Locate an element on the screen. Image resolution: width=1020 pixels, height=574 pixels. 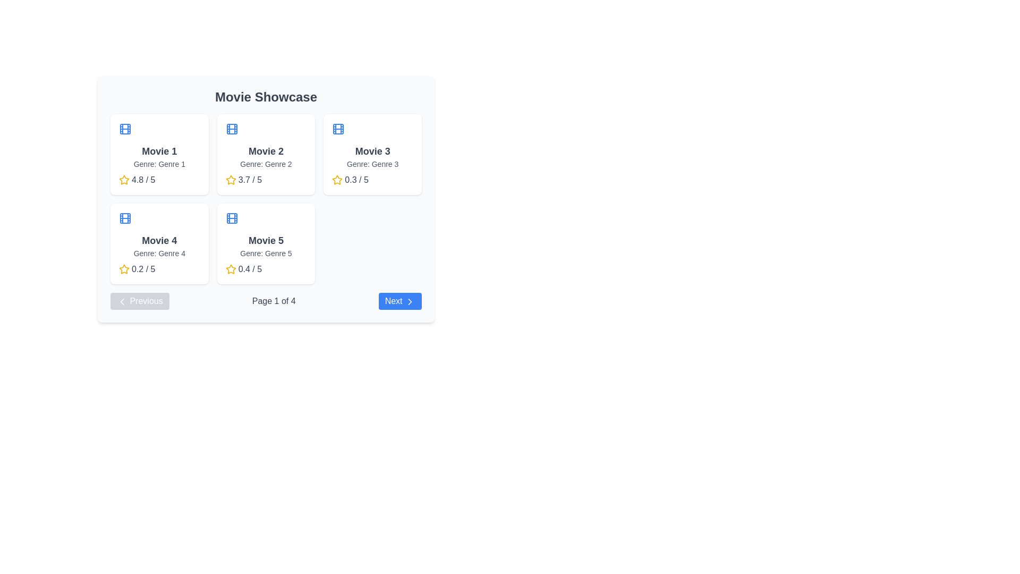
the second star icon in the rating system under 'Movie 2' in the Movie Showcase grid layout to rate the movie is located at coordinates (230, 179).